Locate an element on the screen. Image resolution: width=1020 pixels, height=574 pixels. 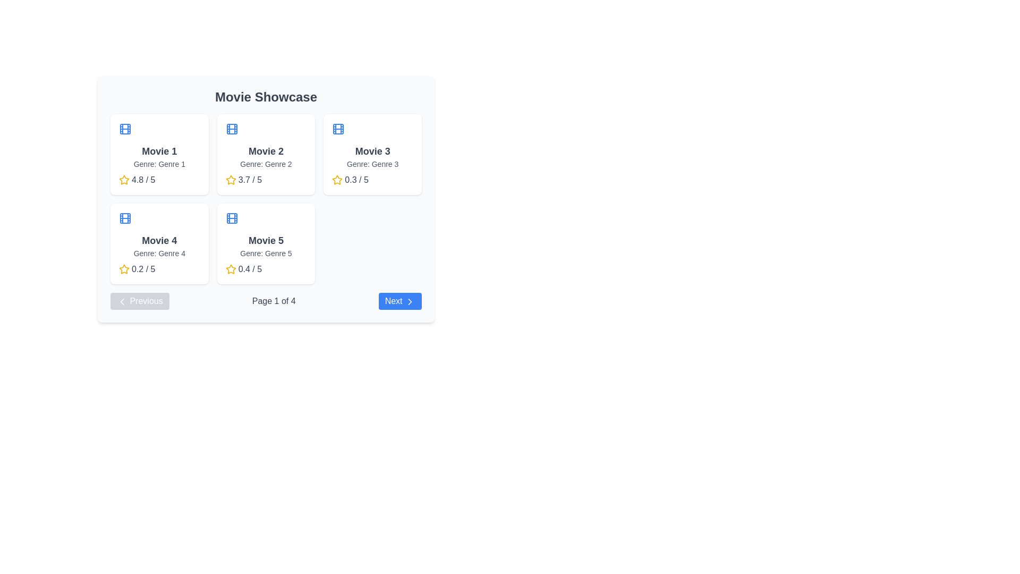
the second star icon in the rating system under 'Movie 2' in the Movie Showcase grid layout to rate the movie is located at coordinates (230, 179).